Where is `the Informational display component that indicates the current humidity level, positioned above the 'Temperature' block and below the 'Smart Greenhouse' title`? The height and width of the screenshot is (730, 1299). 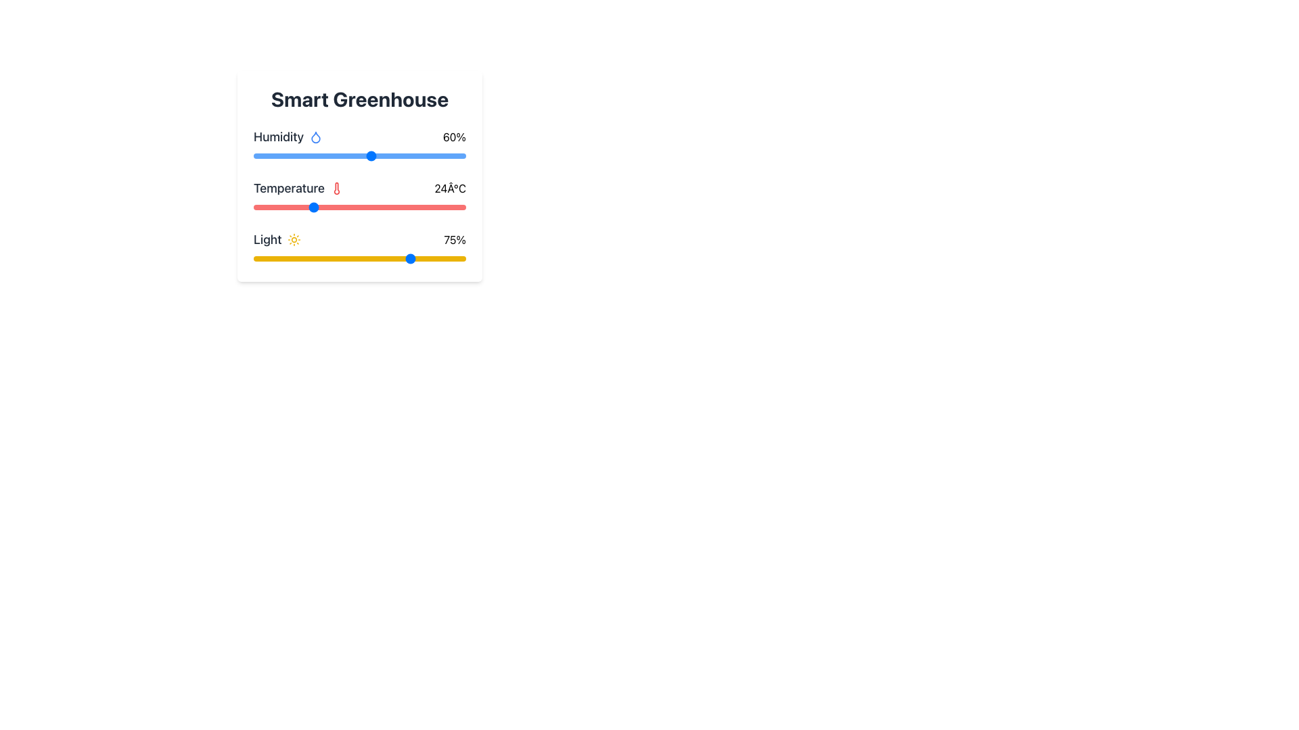
the Informational display component that indicates the current humidity level, positioned above the 'Temperature' block and below the 'Smart Greenhouse' title is located at coordinates (360, 145).